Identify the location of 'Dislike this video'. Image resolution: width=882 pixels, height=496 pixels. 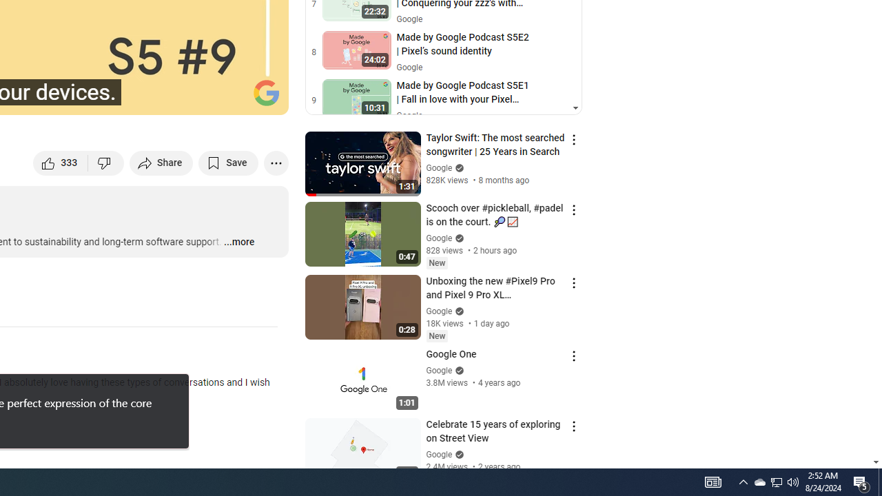
(105, 162).